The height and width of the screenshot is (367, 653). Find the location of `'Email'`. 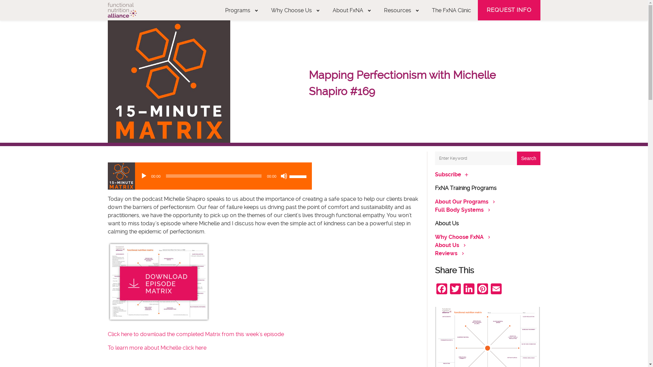

'Email' is located at coordinates (496, 290).